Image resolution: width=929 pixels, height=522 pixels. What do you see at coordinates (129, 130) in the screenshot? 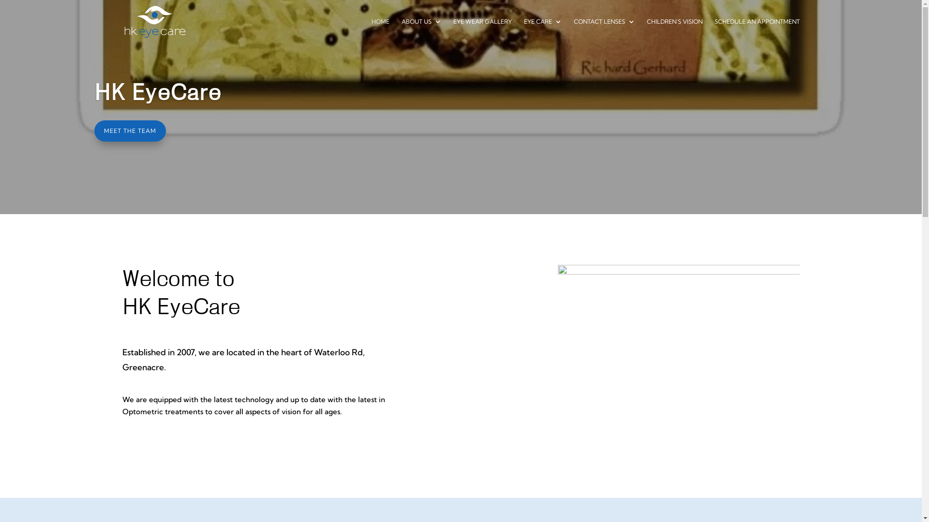
I see `'MEET THE TEAM'` at bounding box center [129, 130].